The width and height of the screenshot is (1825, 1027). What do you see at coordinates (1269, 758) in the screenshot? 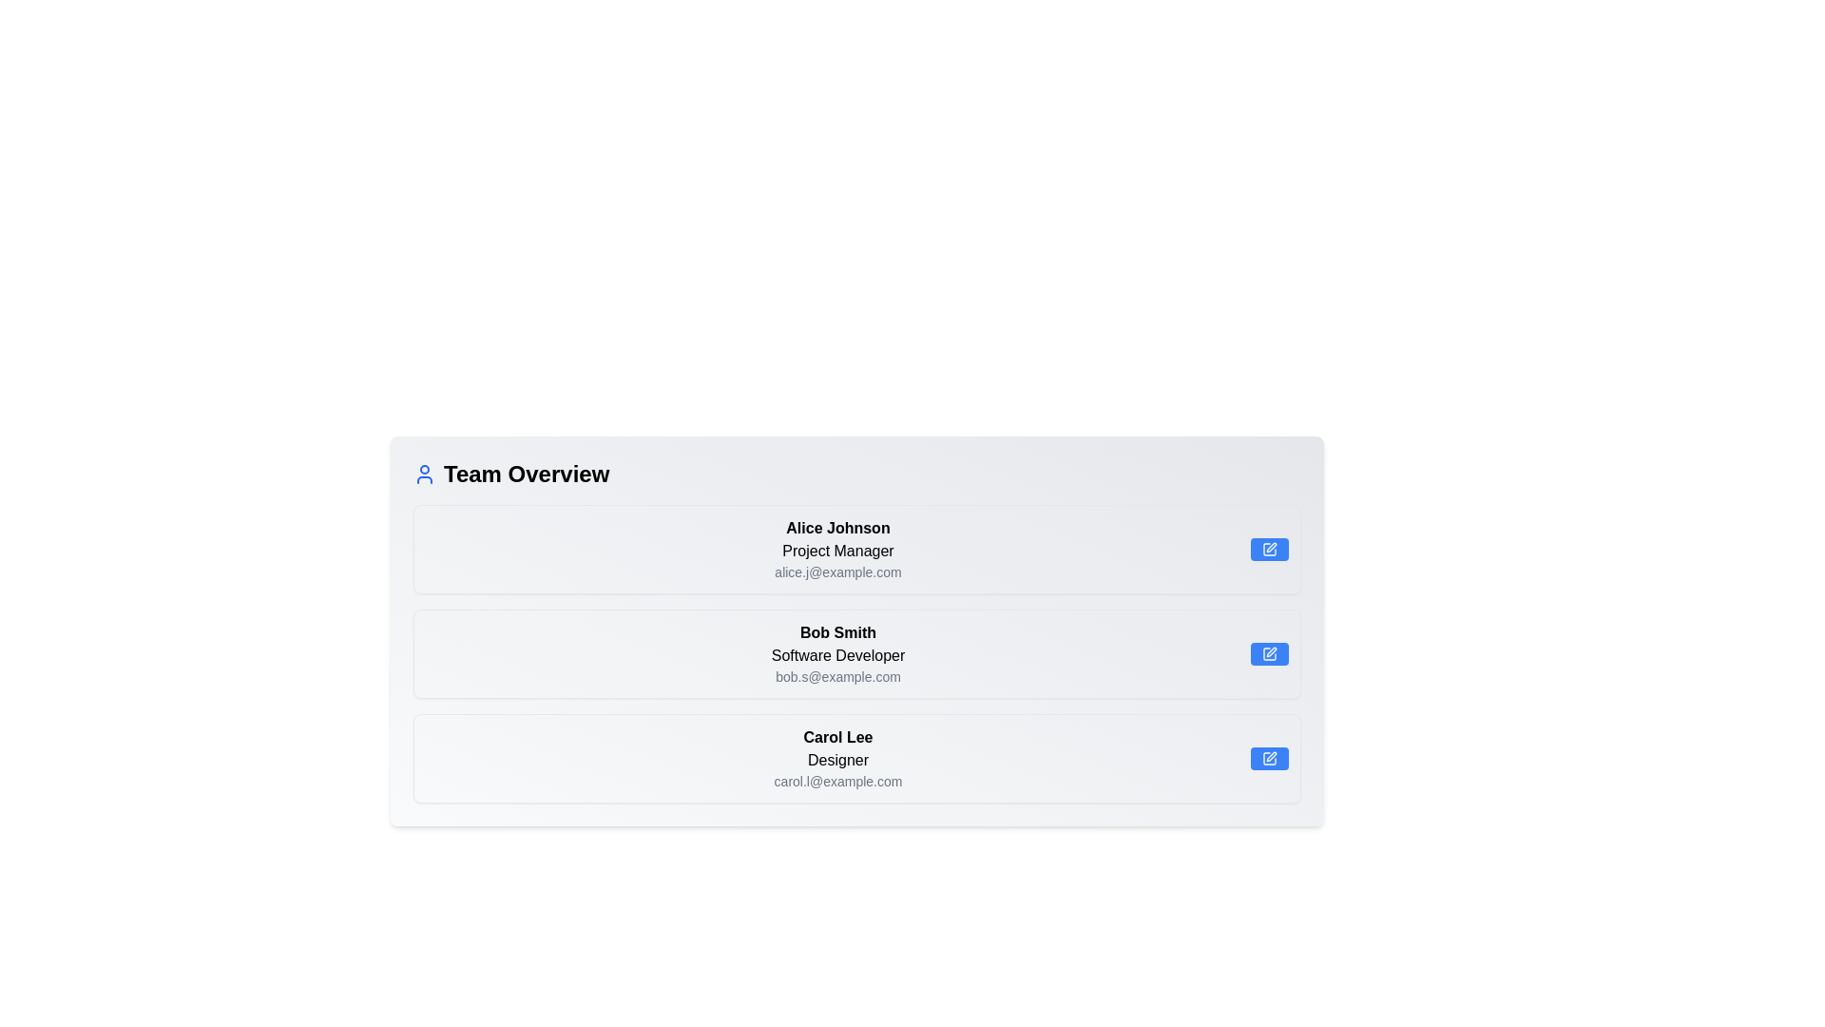
I see `the pen icon button with a blue background located to the right of the third team member (Carol Lee, Designer, carol.l@example.com) in the vertically stacked list` at bounding box center [1269, 758].